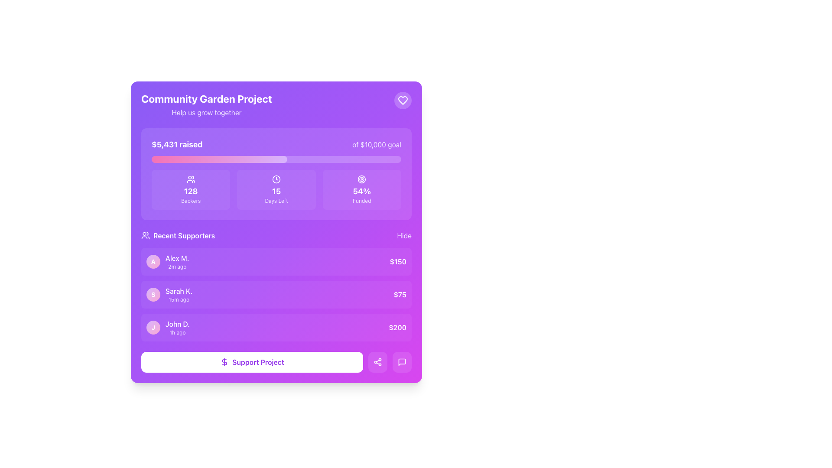  I want to click on the call-to-action button for supporting or funding the project, which is the first and largest button in the horizontal row at the bottom of the purple-themed card interface, so click(276, 362).